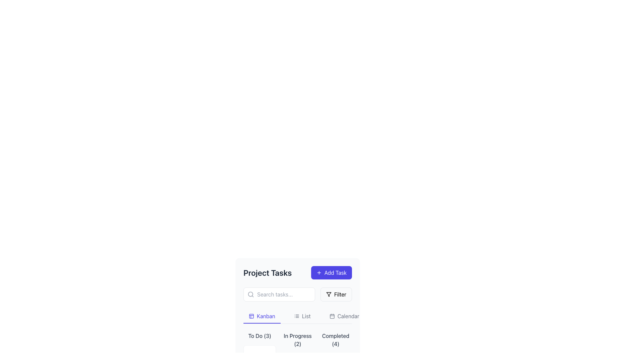 Image resolution: width=643 pixels, height=361 pixels. Describe the element at coordinates (336, 294) in the screenshot. I see `the 'Filter' button, which is a rectangular button with rounded corners and an icon resembling a funnel, located towards the upper-right section of the layout` at that location.